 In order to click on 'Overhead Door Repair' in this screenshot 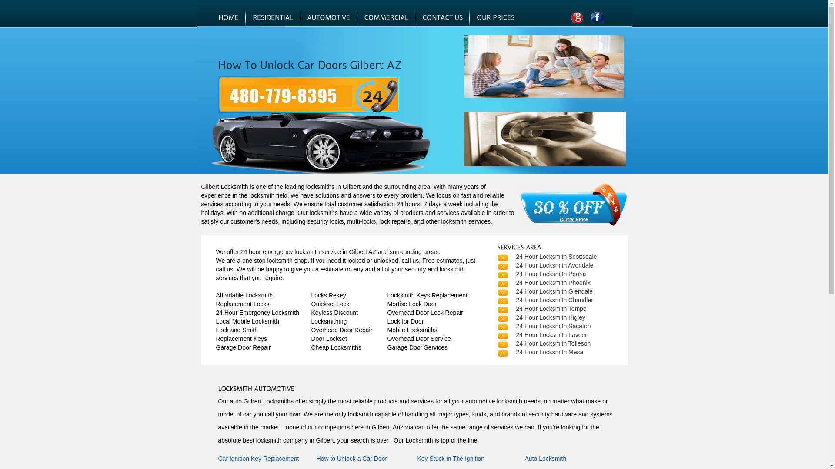, I will do `click(341, 330)`.